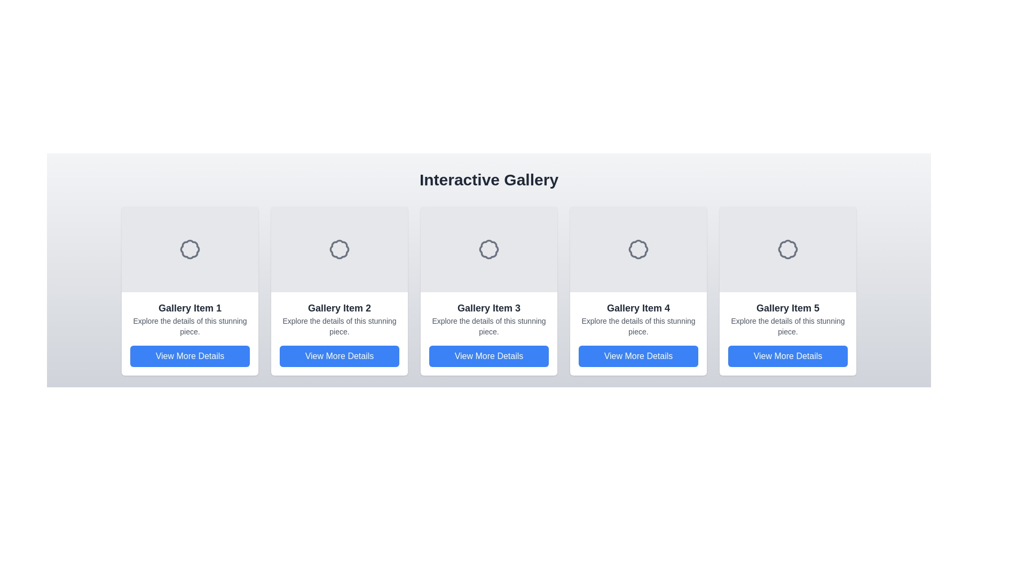  I want to click on title text of the first card in the grid layout, which is centrally aligned at the top section of the card, so click(190, 308).